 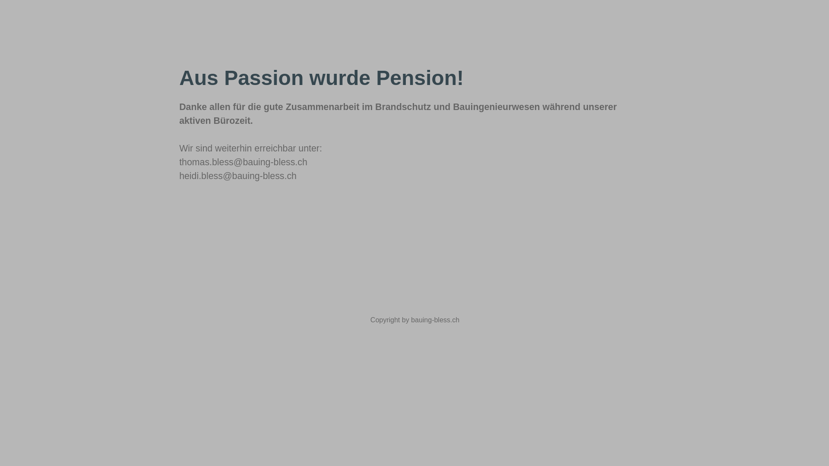 What do you see at coordinates (238, 176) in the screenshot?
I see `'heidi.bless@bauing-bless.ch'` at bounding box center [238, 176].